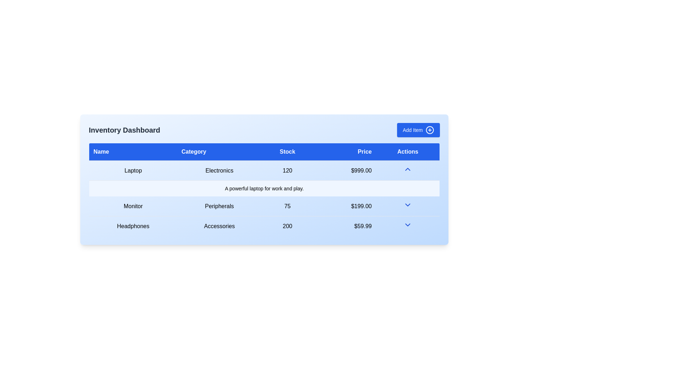 This screenshot has width=685, height=385. Describe the element at coordinates (125, 130) in the screenshot. I see `the text label reading 'Inventory Dashboard'` at that location.